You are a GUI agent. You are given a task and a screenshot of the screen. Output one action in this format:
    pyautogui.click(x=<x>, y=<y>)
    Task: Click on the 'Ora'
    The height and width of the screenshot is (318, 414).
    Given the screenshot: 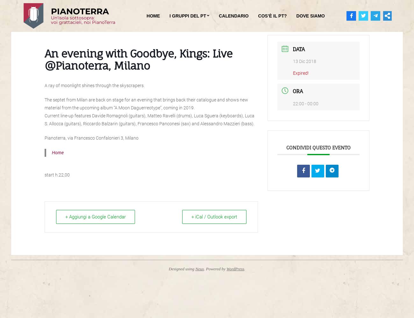 What is the action you would take?
    pyautogui.click(x=297, y=91)
    